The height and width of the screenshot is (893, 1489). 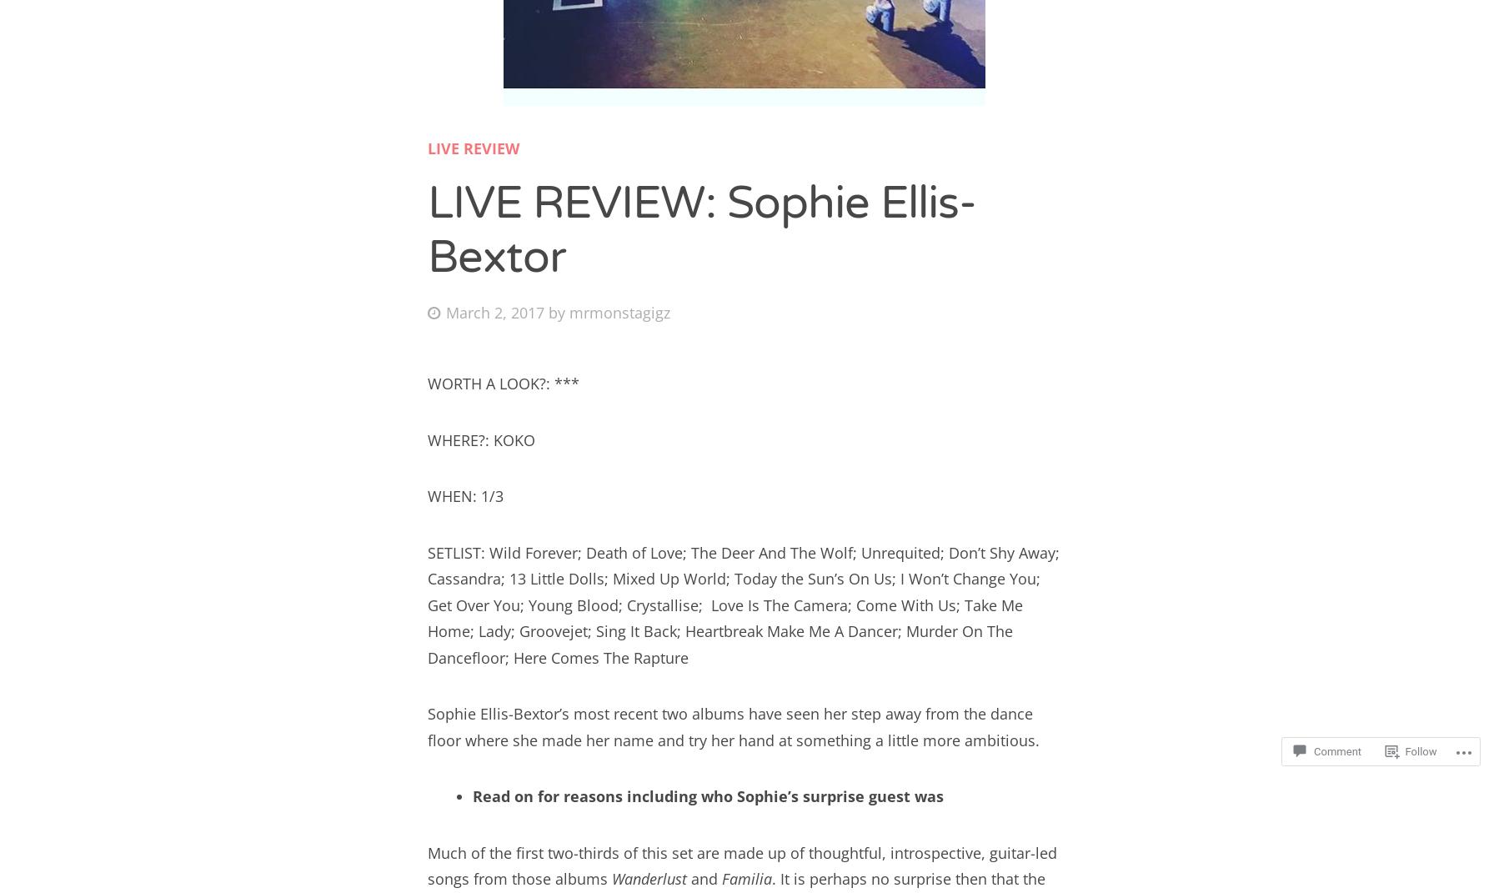 What do you see at coordinates (559, 310) in the screenshot?
I see `'by'` at bounding box center [559, 310].